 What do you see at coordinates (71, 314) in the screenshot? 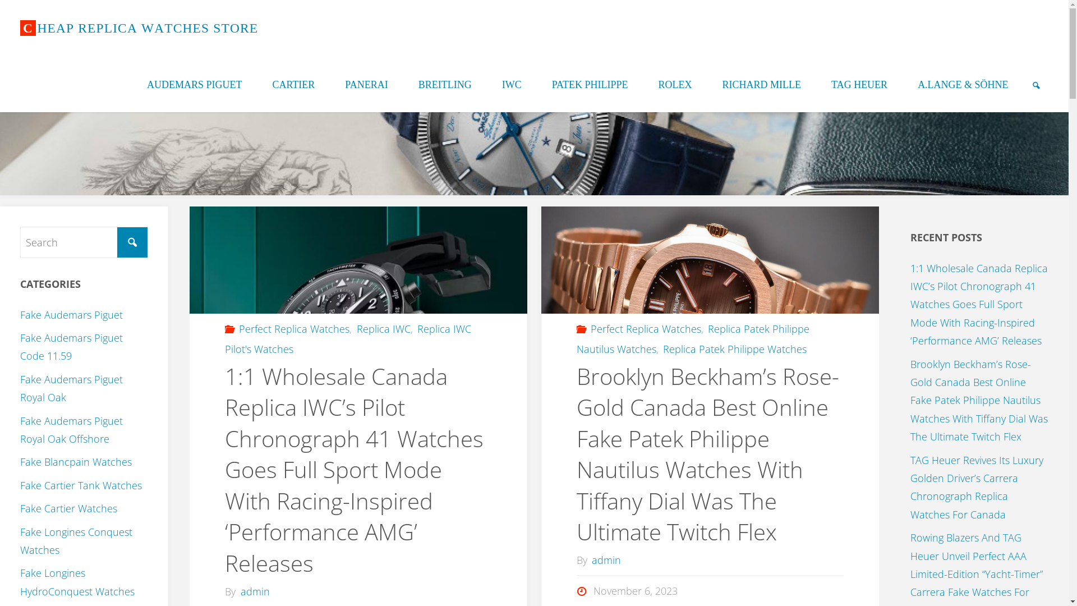
I see `'Fake Audemars Piguet'` at bounding box center [71, 314].